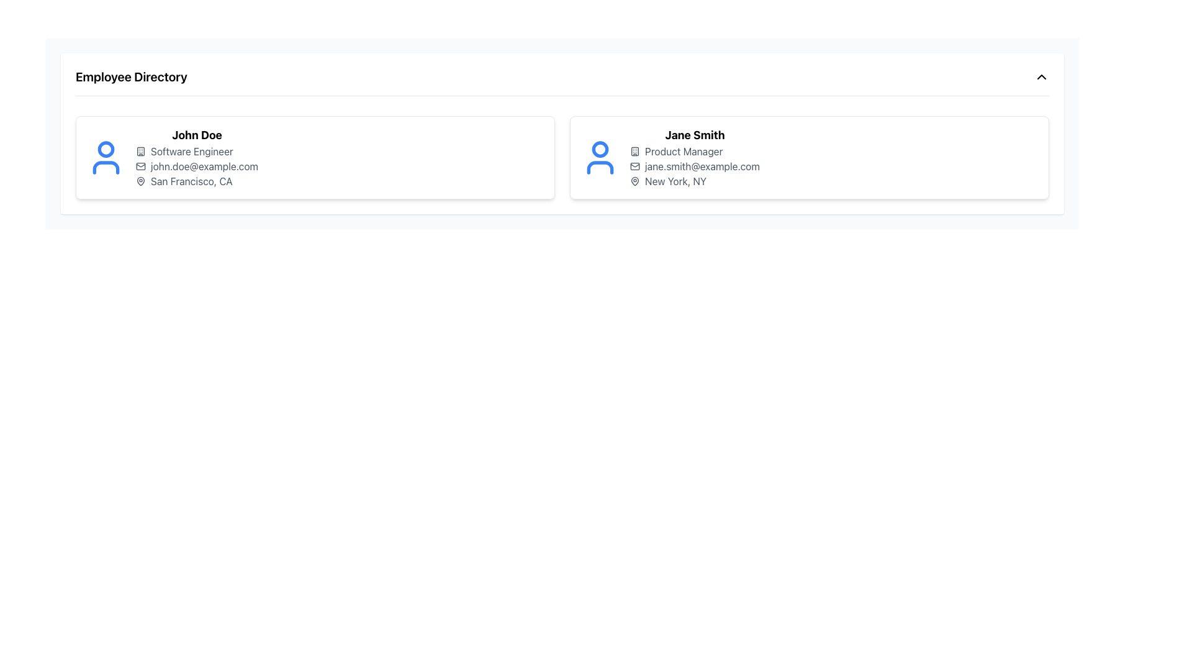 The image size is (1192, 671). Describe the element at coordinates (694, 165) in the screenshot. I see `the email address text element in the employee profile card for 'Jane Smith'` at that location.